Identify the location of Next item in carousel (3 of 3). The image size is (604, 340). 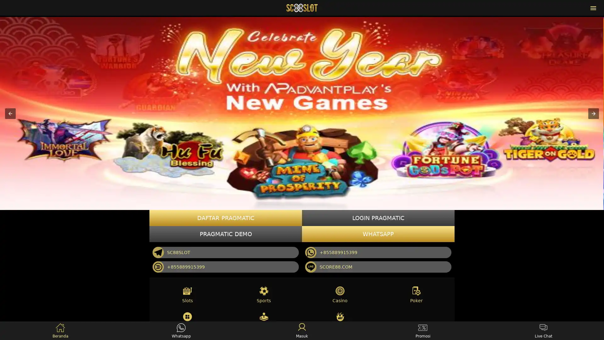
(593, 113).